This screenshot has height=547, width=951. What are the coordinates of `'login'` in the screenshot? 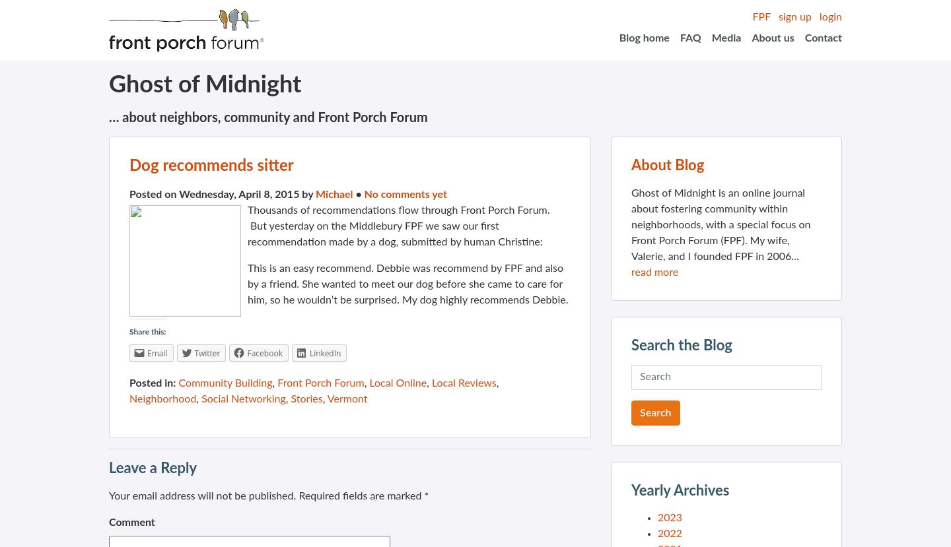 It's located at (829, 17).